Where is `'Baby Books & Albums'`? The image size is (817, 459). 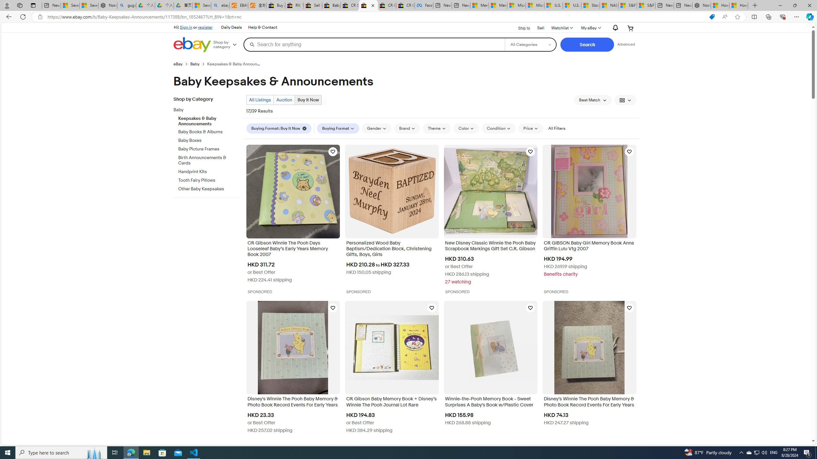
'Baby Books & Albums' is located at coordinates (208, 132).